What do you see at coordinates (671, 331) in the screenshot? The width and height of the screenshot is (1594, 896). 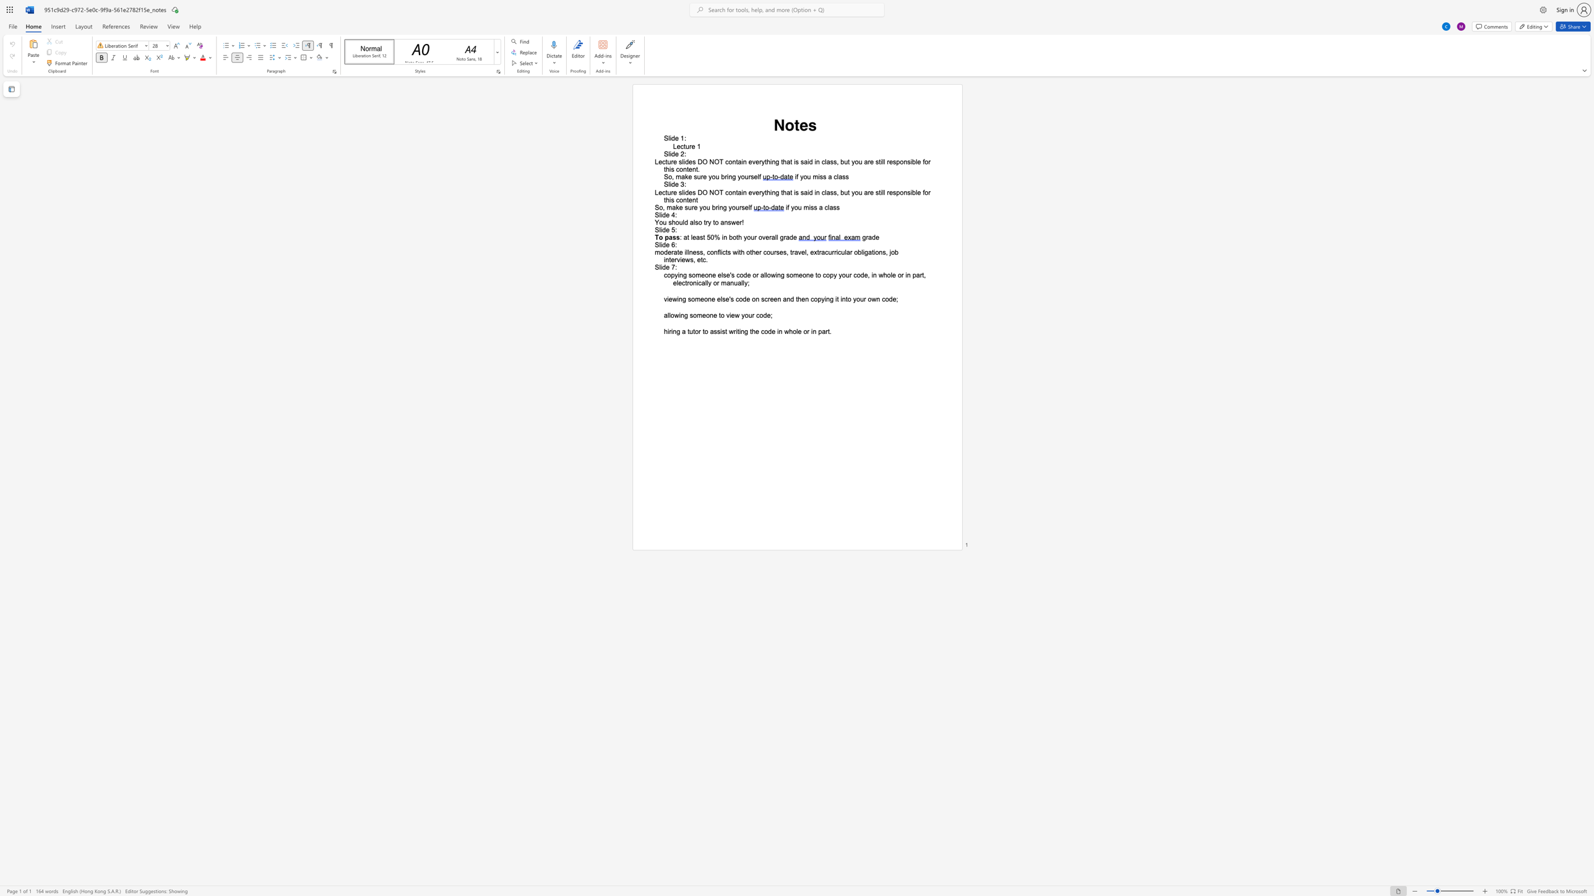 I see `the subset text "ing a tut" within the text "hiring a tutor to"` at bounding box center [671, 331].